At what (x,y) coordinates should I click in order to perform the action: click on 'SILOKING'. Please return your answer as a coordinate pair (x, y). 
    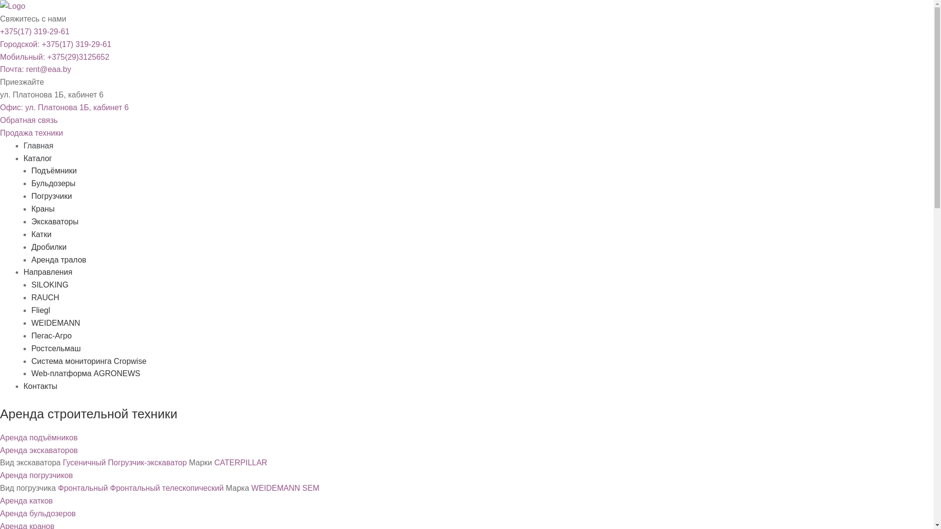
    Looking at the image, I should click on (49, 285).